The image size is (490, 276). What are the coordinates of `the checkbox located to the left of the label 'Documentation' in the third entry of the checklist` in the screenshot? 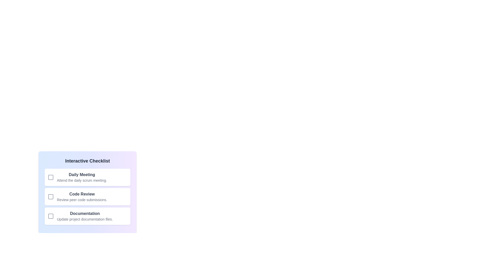 It's located at (51, 216).